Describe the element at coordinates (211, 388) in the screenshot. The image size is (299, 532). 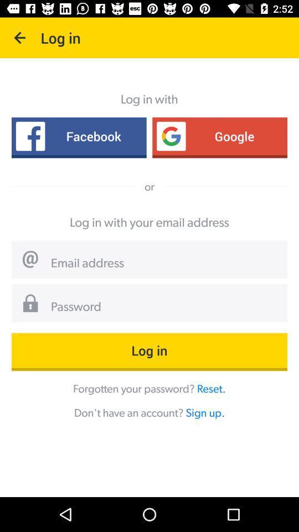
I see `item next to the forgotten your password?` at that location.